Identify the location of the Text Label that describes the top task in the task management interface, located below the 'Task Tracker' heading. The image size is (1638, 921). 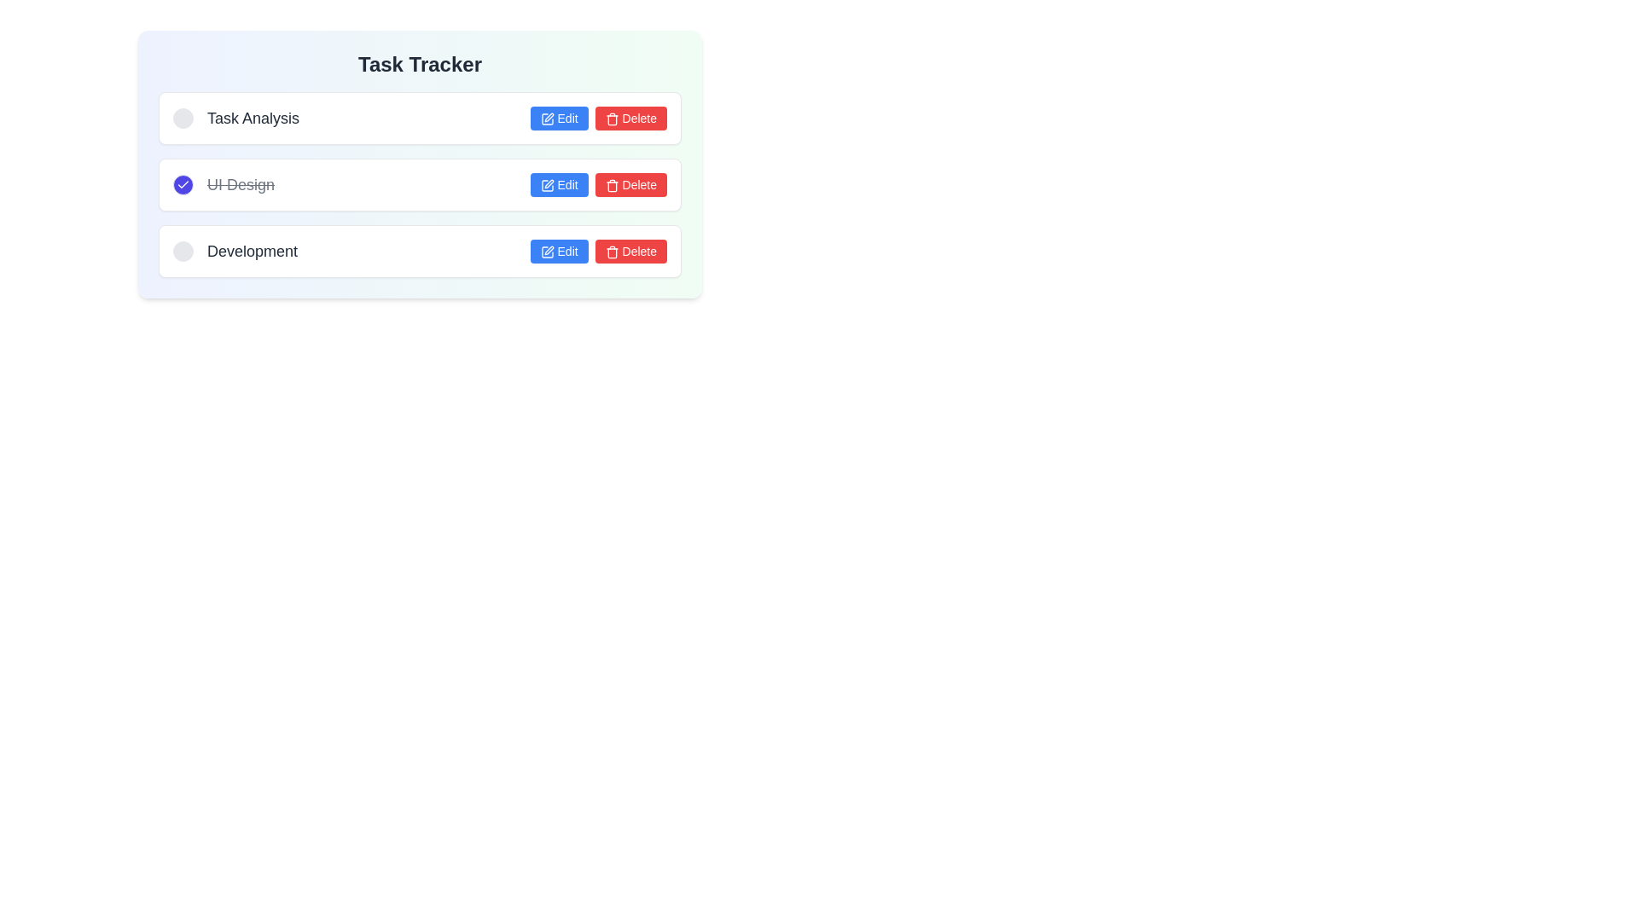
(253, 117).